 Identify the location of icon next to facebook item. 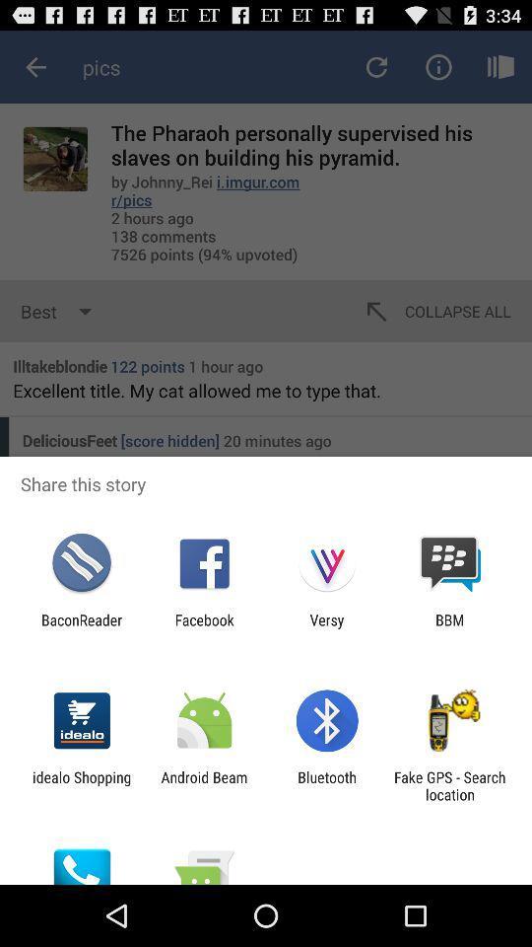
(327, 627).